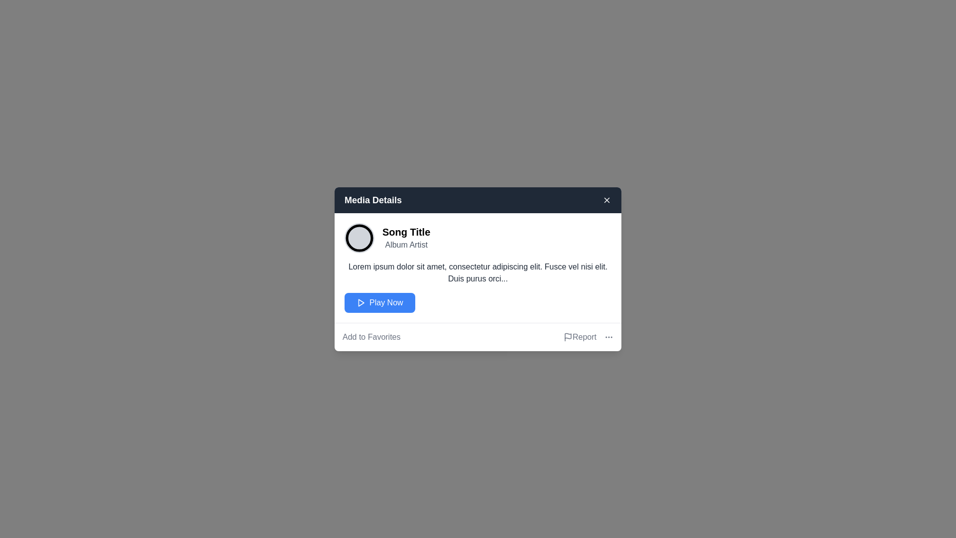  What do you see at coordinates (608, 336) in the screenshot?
I see `the ellipsis icon located at the bottom right of the interface next to the 'Report' text` at bounding box center [608, 336].